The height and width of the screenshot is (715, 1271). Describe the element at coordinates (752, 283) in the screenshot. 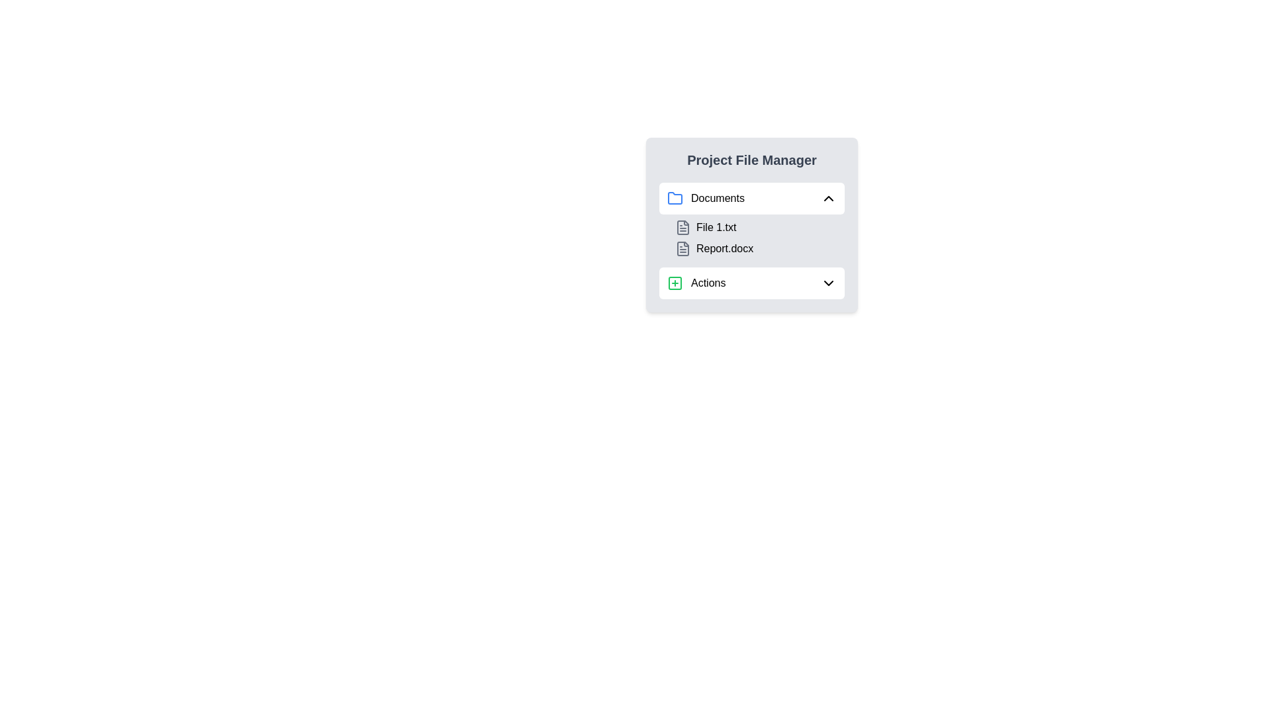

I see `the dropdown button located at the bottom of the list of items labeled 'Documents', 'File 1.txt', and 'Report.docx'` at that location.